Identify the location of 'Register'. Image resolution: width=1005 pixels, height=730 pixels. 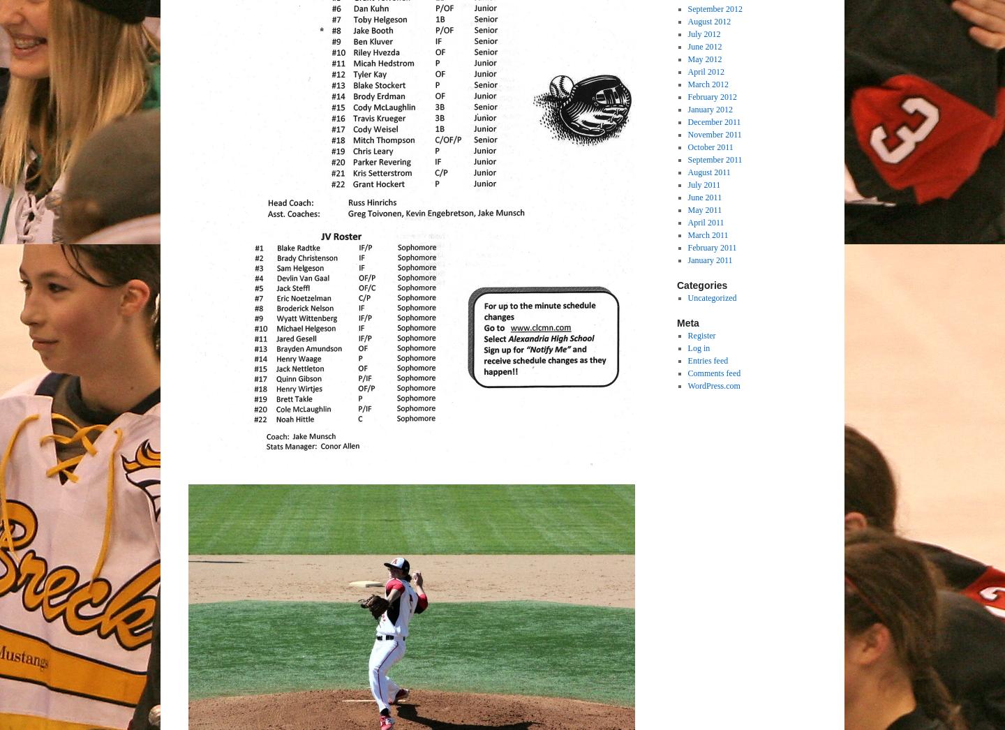
(700, 335).